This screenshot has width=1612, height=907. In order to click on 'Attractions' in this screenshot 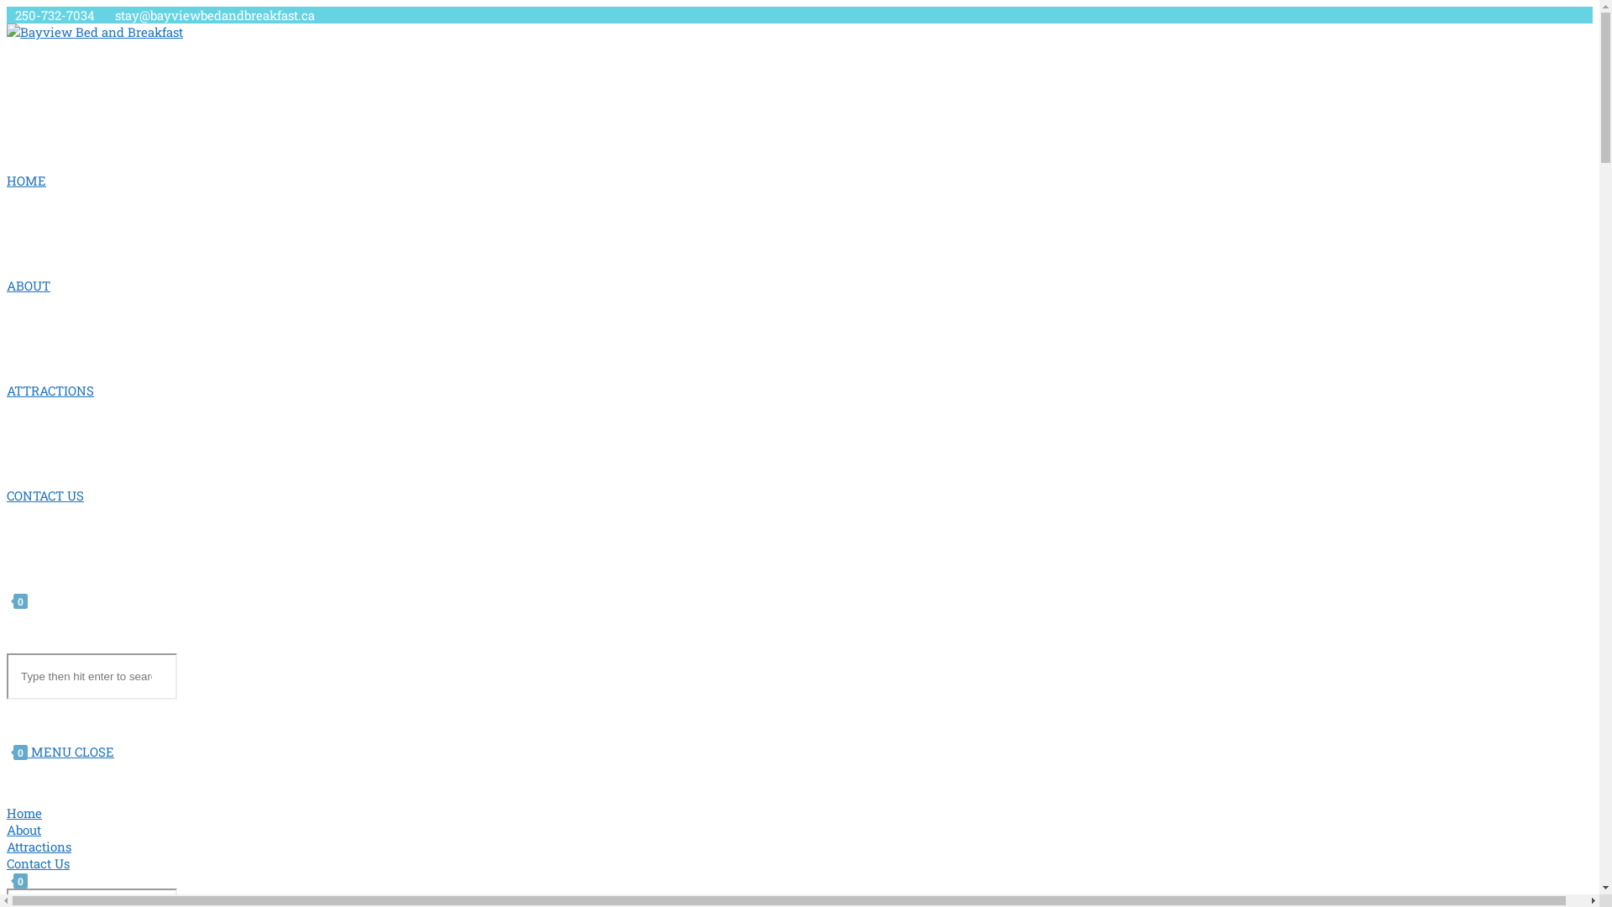, I will do `click(39, 846)`.